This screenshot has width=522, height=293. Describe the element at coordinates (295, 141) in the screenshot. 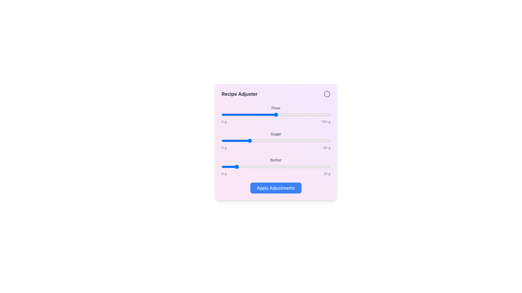

I see `sugar level` at that location.